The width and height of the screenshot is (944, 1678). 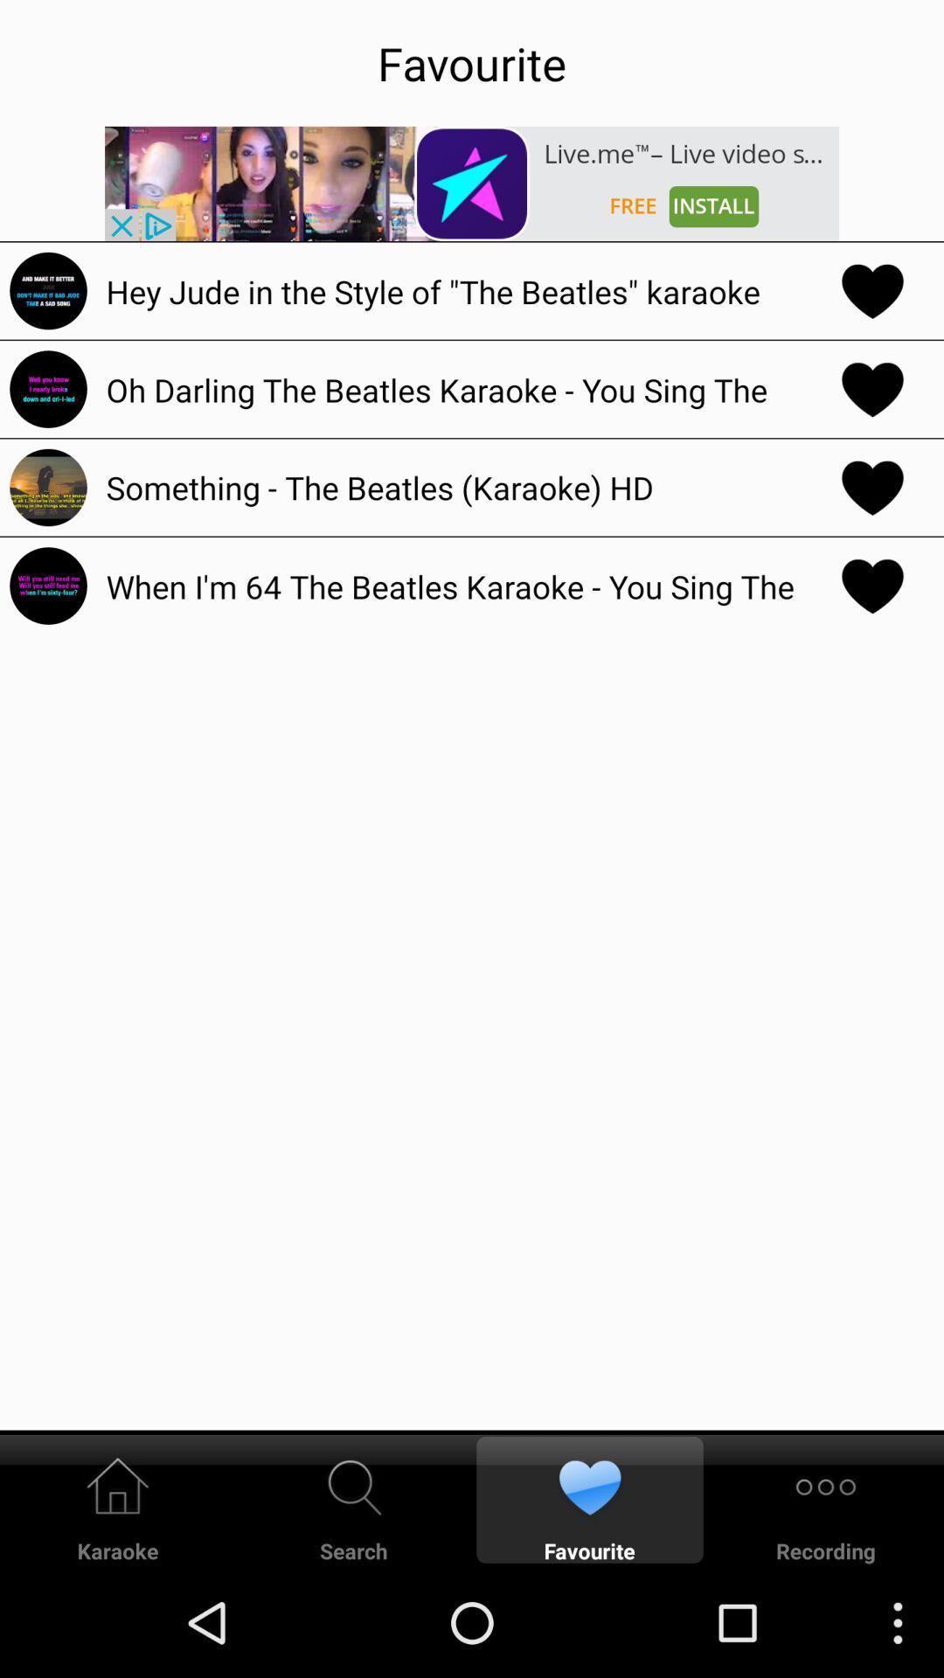 I want to click on favourite app install, so click(x=472, y=184).